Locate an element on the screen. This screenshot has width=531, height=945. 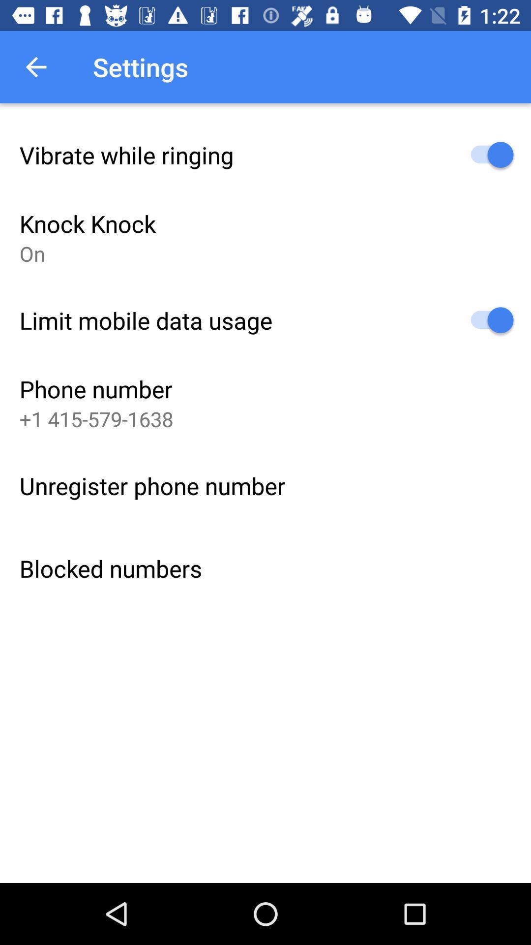
knock knock is located at coordinates (87, 223).